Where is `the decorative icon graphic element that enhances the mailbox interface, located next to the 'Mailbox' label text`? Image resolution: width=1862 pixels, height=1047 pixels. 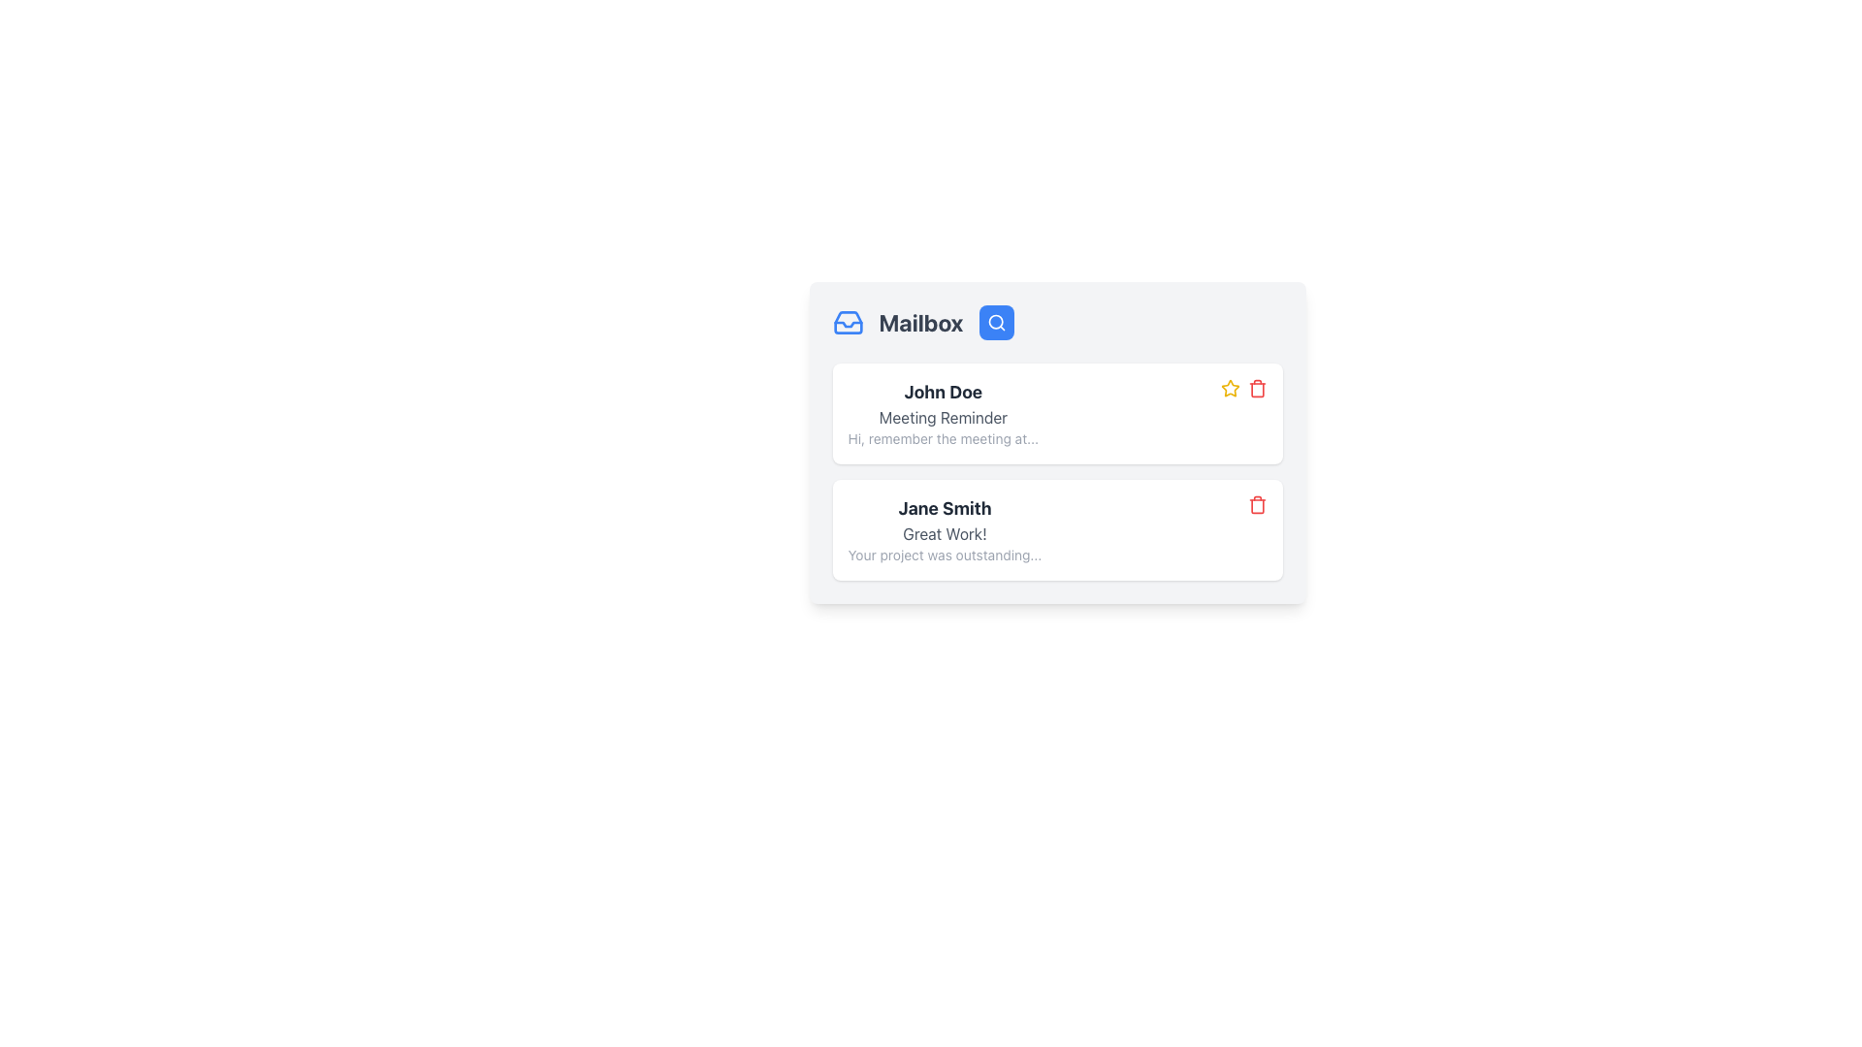
the decorative icon graphic element that enhances the mailbox interface, located next to the 'Mailbox' label text is located at coordinates (848, 324).